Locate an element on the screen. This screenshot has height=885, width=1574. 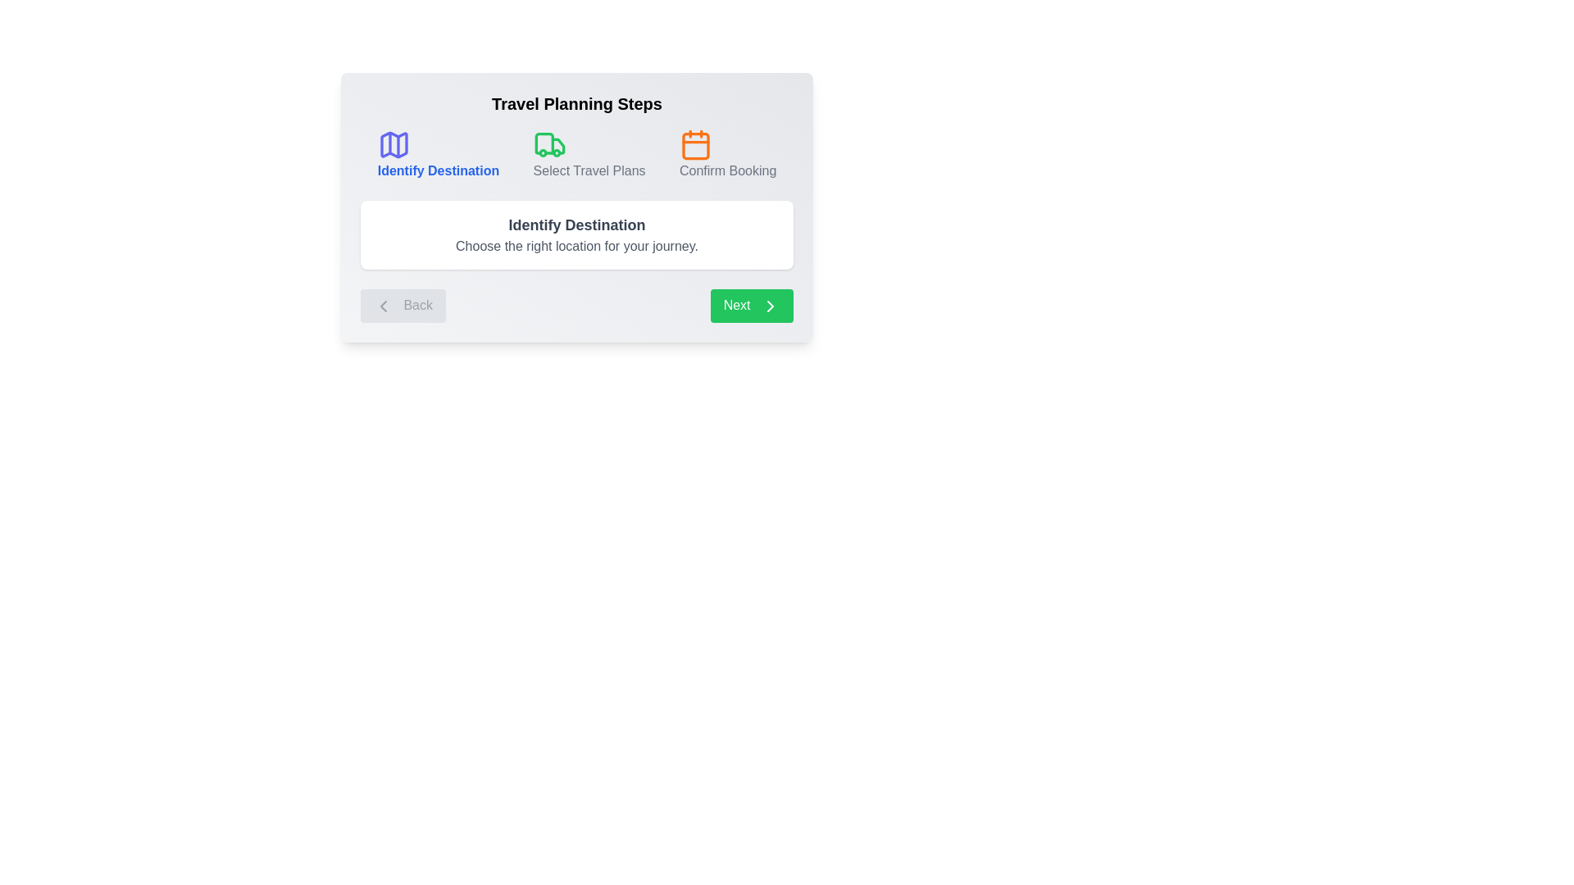
the Static informational card that highlights a specific step in the series of actions, positioned centrally below the steps and above the navigation buttons is located at coordinates (577, 234).